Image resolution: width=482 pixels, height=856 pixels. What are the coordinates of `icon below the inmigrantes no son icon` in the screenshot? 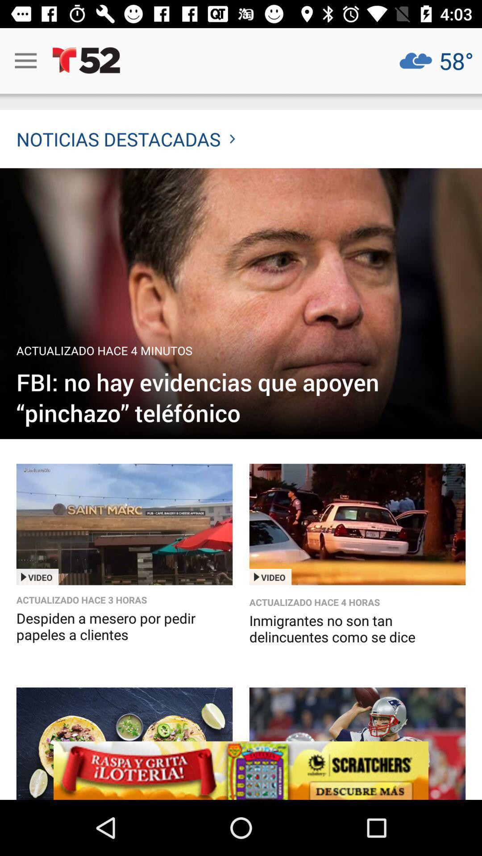 It's located at (241, 770).